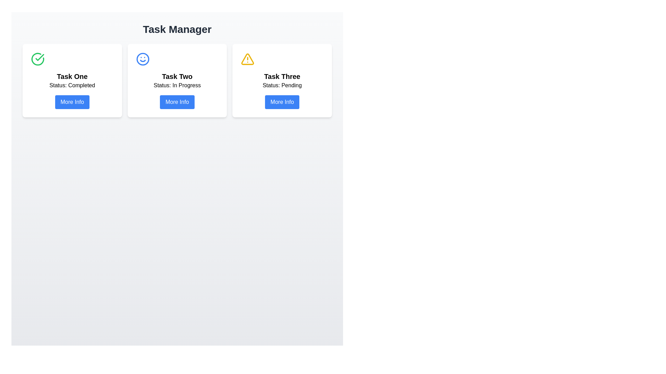 This screenshot has width=666, height=374. What do you see at coordinates (142, 59) in the screenshot?
I see `the smiling face icon, which is a blue circular outline with a filled white interior, located at the top of the second task card above the text 'Task Two: Status: In Progress'` at bounding box center [142, 59].